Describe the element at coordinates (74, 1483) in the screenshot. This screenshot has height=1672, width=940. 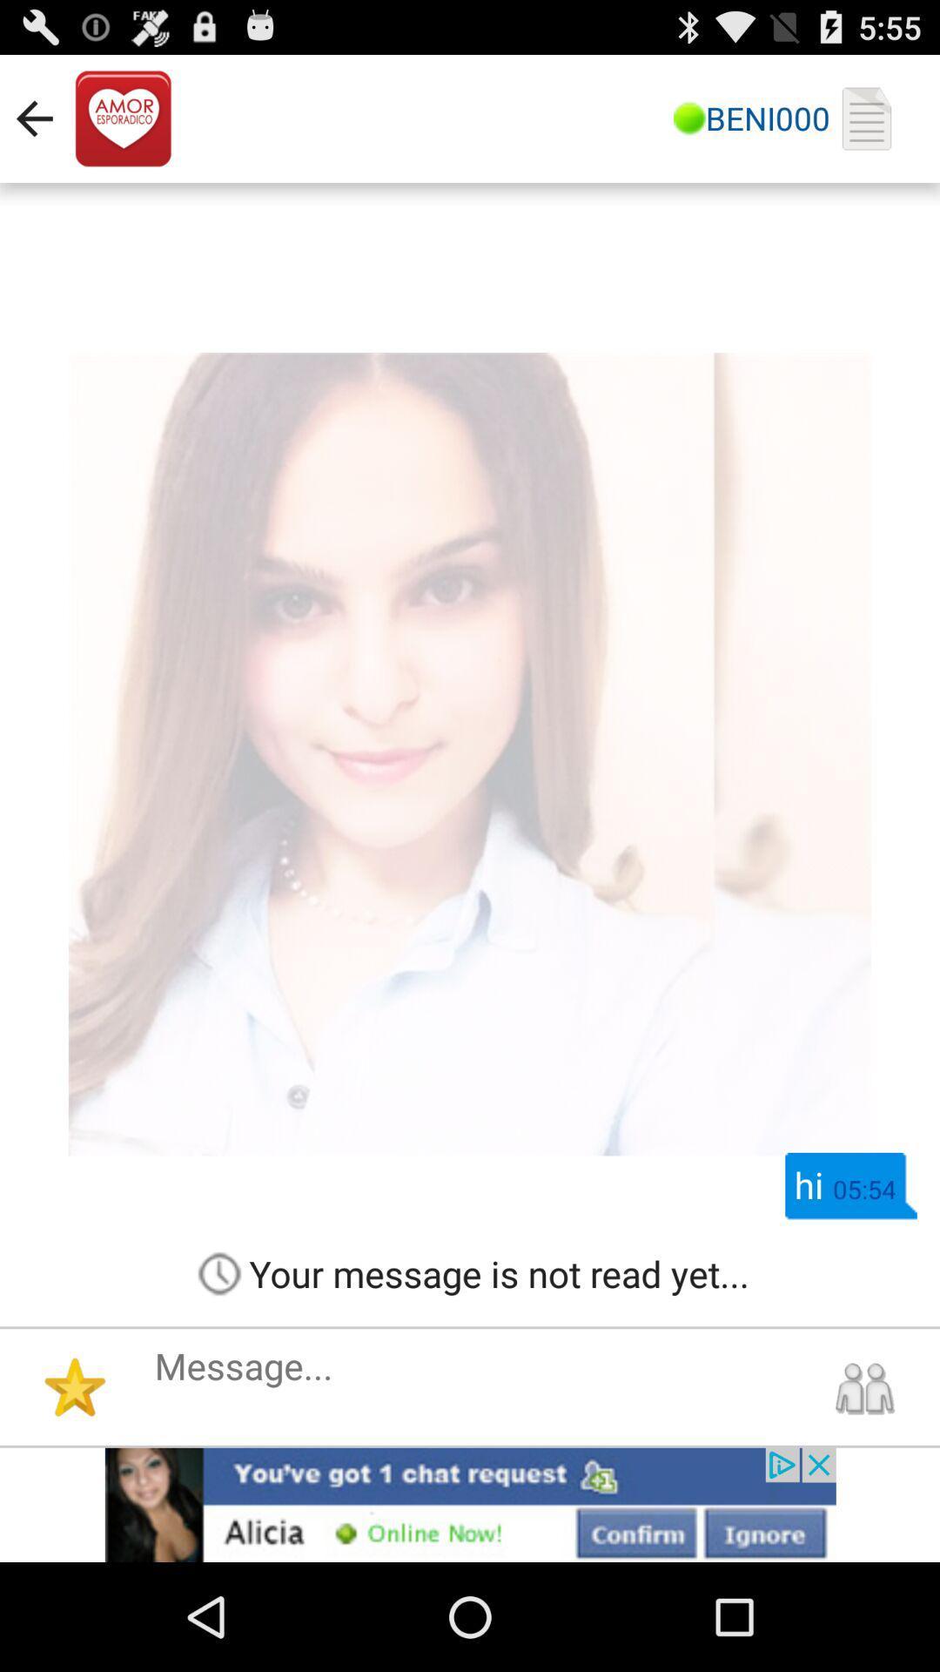
I see `the star icon` at that location.